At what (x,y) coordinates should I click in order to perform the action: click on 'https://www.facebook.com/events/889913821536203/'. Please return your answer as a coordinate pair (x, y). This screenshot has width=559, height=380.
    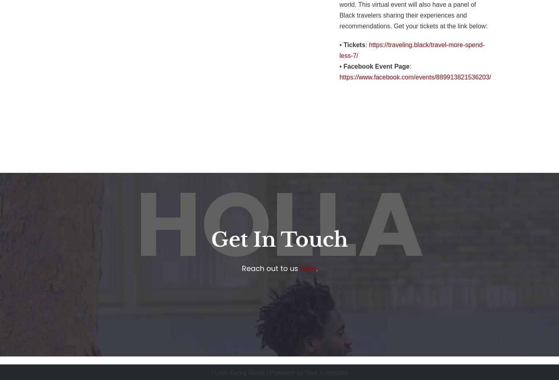
    Looking at the image, I should click on (415, 77).